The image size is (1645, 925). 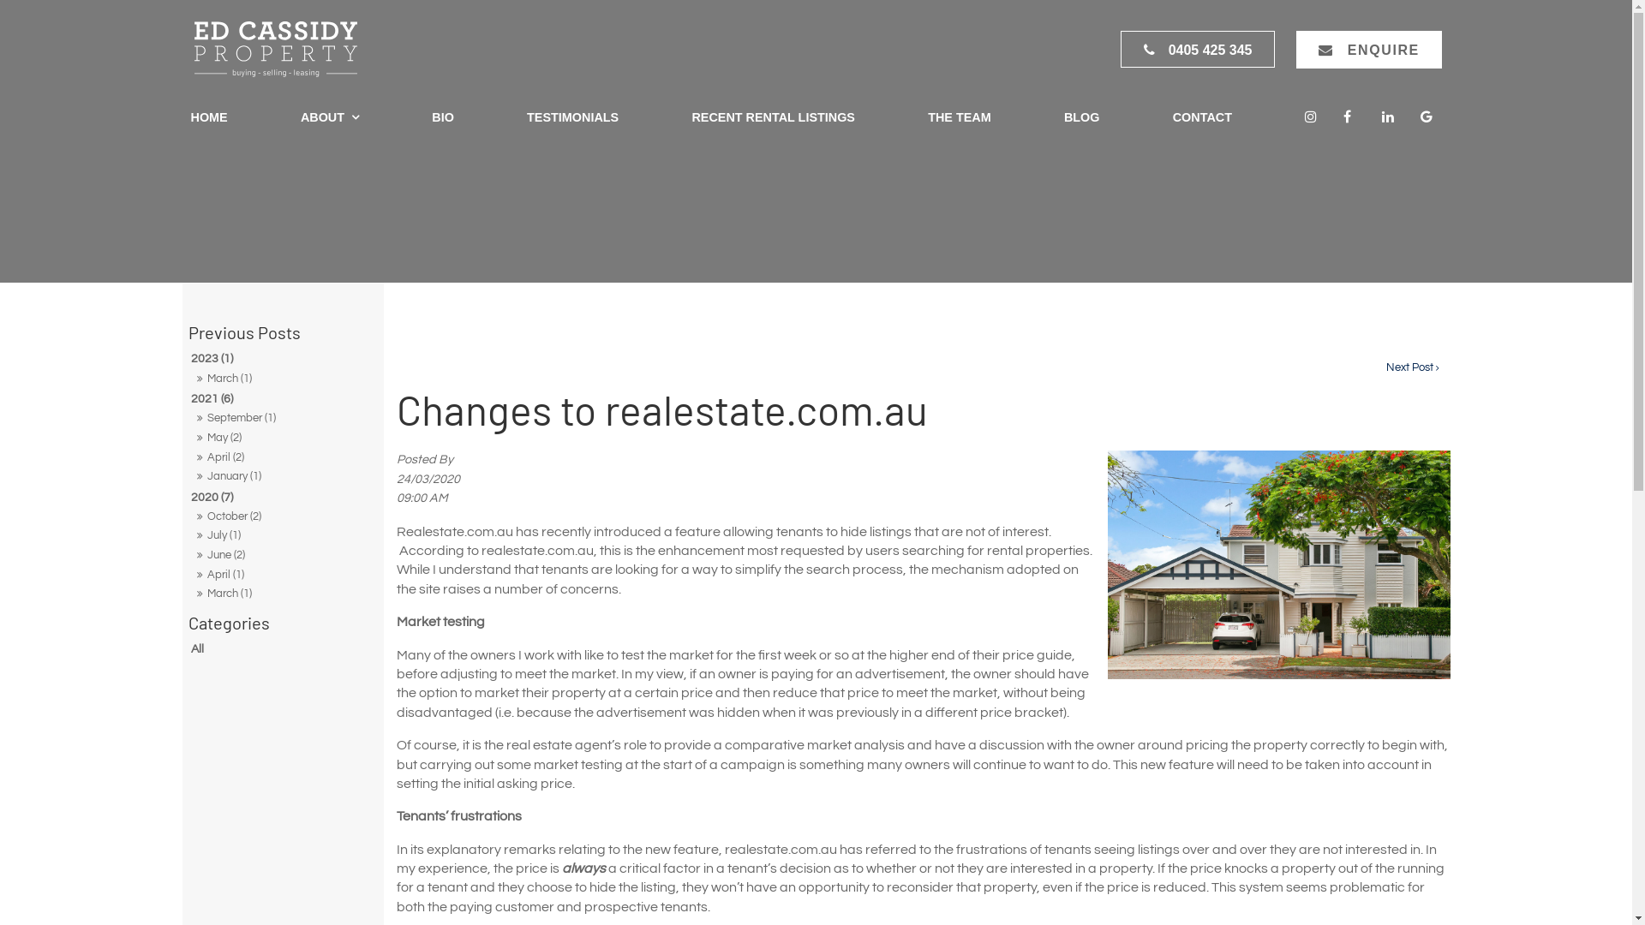 I want to click on 'January (1)', so click(x=283, y=476).